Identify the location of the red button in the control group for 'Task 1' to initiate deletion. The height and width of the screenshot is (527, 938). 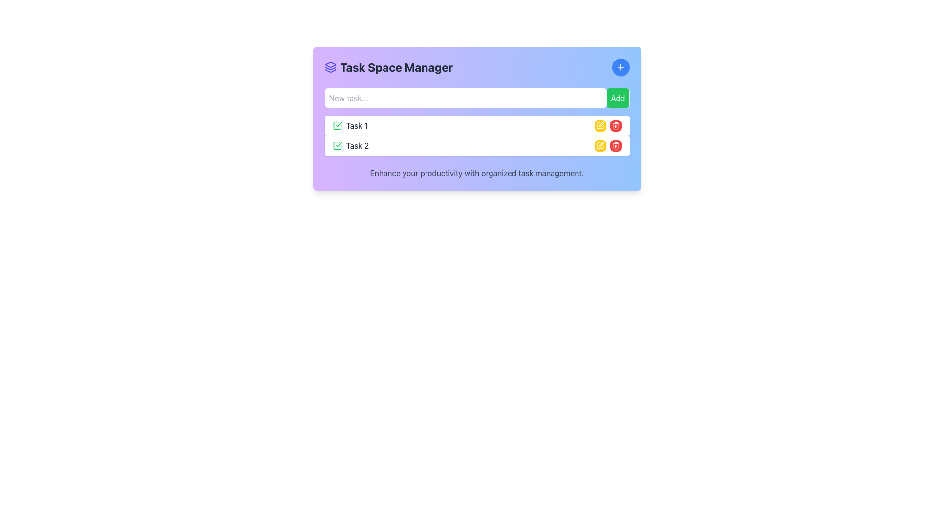
(607, 125).